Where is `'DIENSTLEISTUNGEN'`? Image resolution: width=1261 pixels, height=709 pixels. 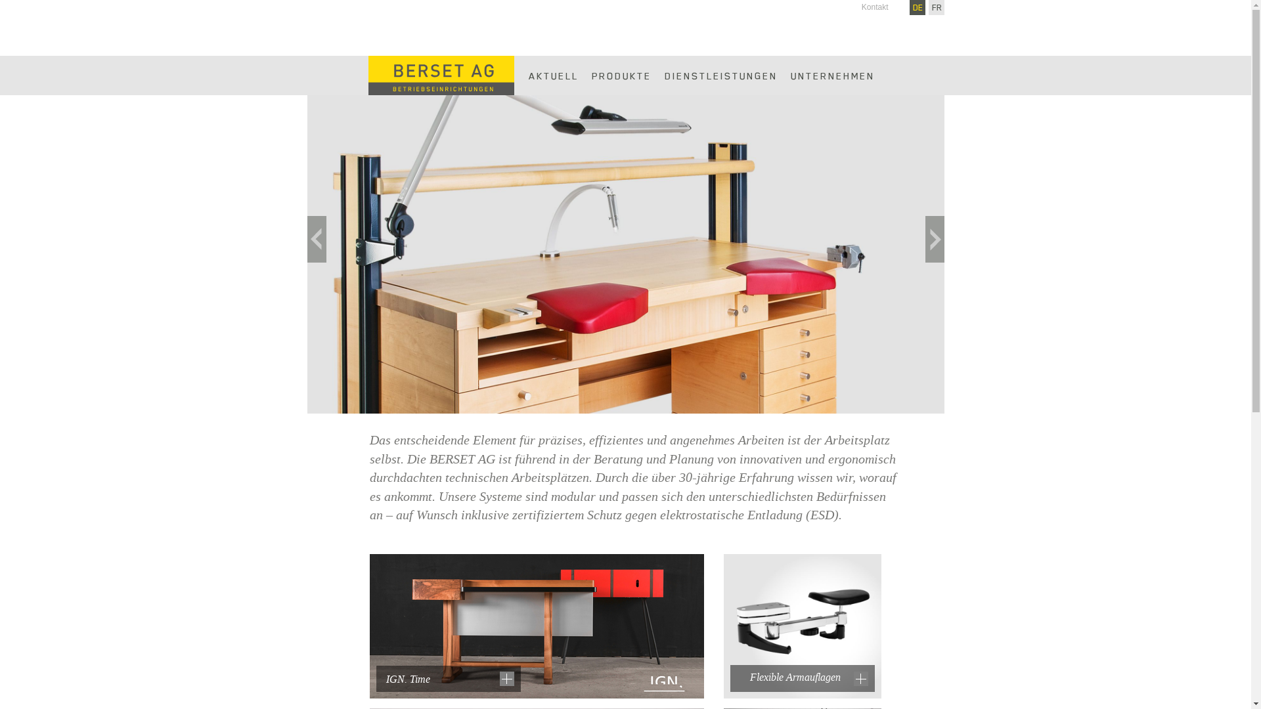 'DIENSTLEISTUNGEN' is located at coordinates (720, 75).